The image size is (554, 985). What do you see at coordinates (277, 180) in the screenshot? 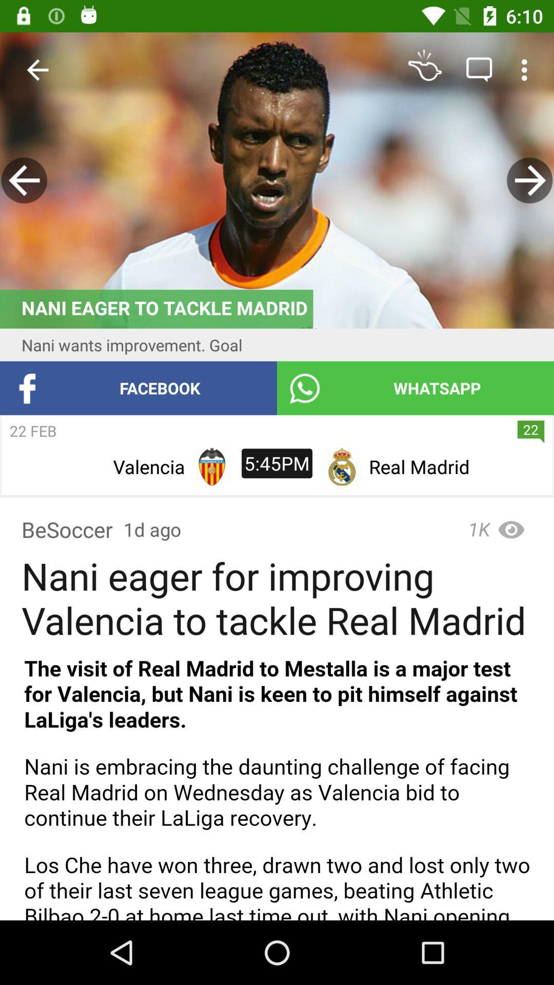
I see `advertisement` at bounding box center [277, 180].